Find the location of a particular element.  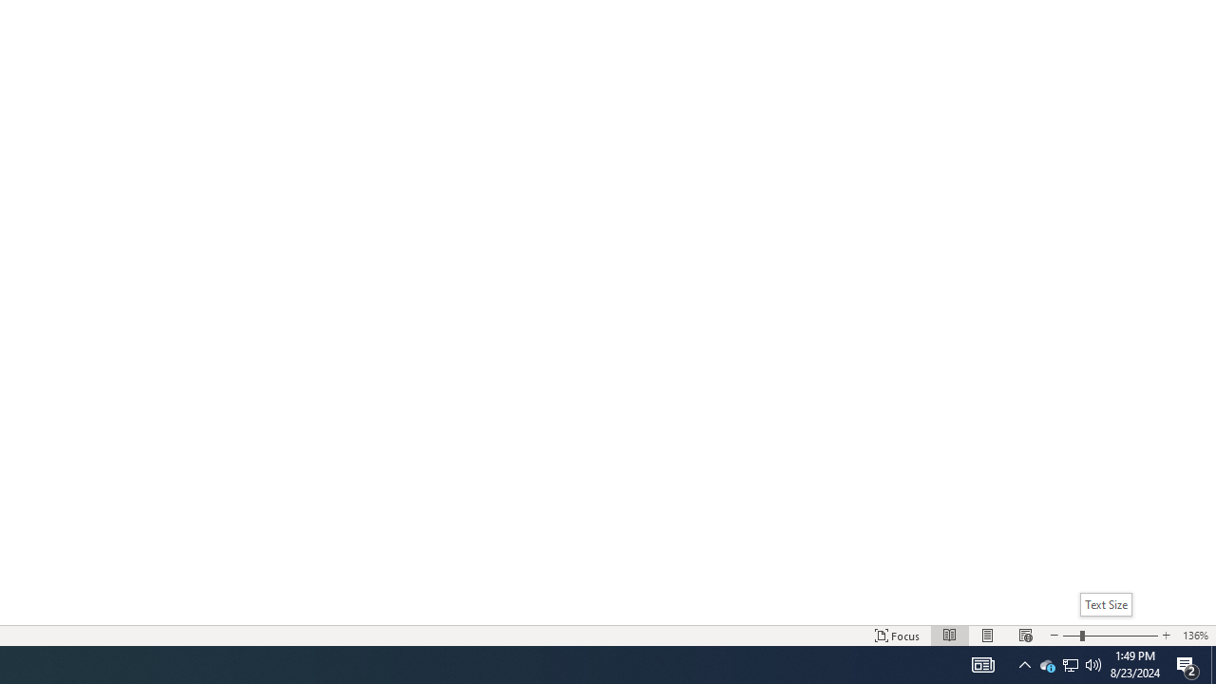

'Text Size' is located at coordinates (1110, 636).